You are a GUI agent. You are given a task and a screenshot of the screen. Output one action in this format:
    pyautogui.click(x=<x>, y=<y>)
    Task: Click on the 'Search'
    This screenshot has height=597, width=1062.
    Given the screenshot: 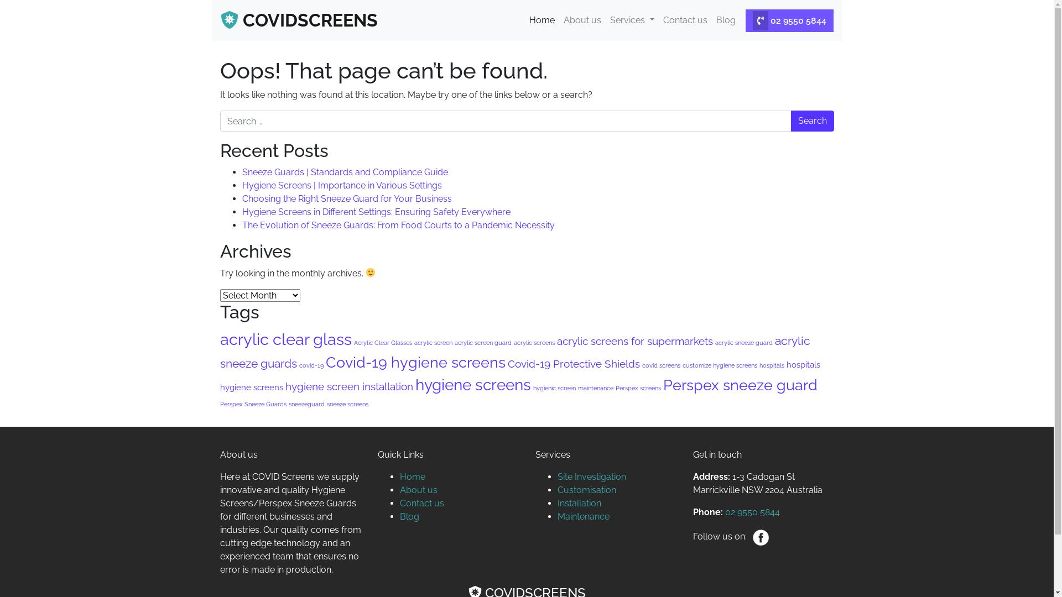 What is the action you would take?
    pyautogui.click(x=812, y=121)
    